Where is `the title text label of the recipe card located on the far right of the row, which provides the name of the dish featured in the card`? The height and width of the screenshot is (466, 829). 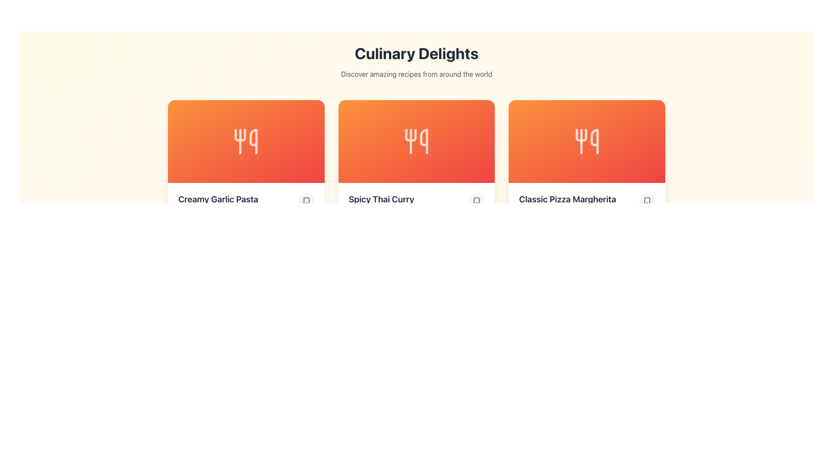 the title text label of the recipe card located on the far right of the row, which provides the name of the dish featured in the card is located at coordinates (587, 201).